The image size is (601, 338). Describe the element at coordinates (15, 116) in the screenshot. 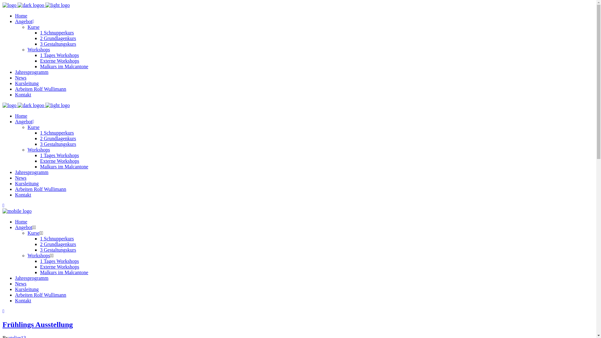

I see `'Home'` at that location.